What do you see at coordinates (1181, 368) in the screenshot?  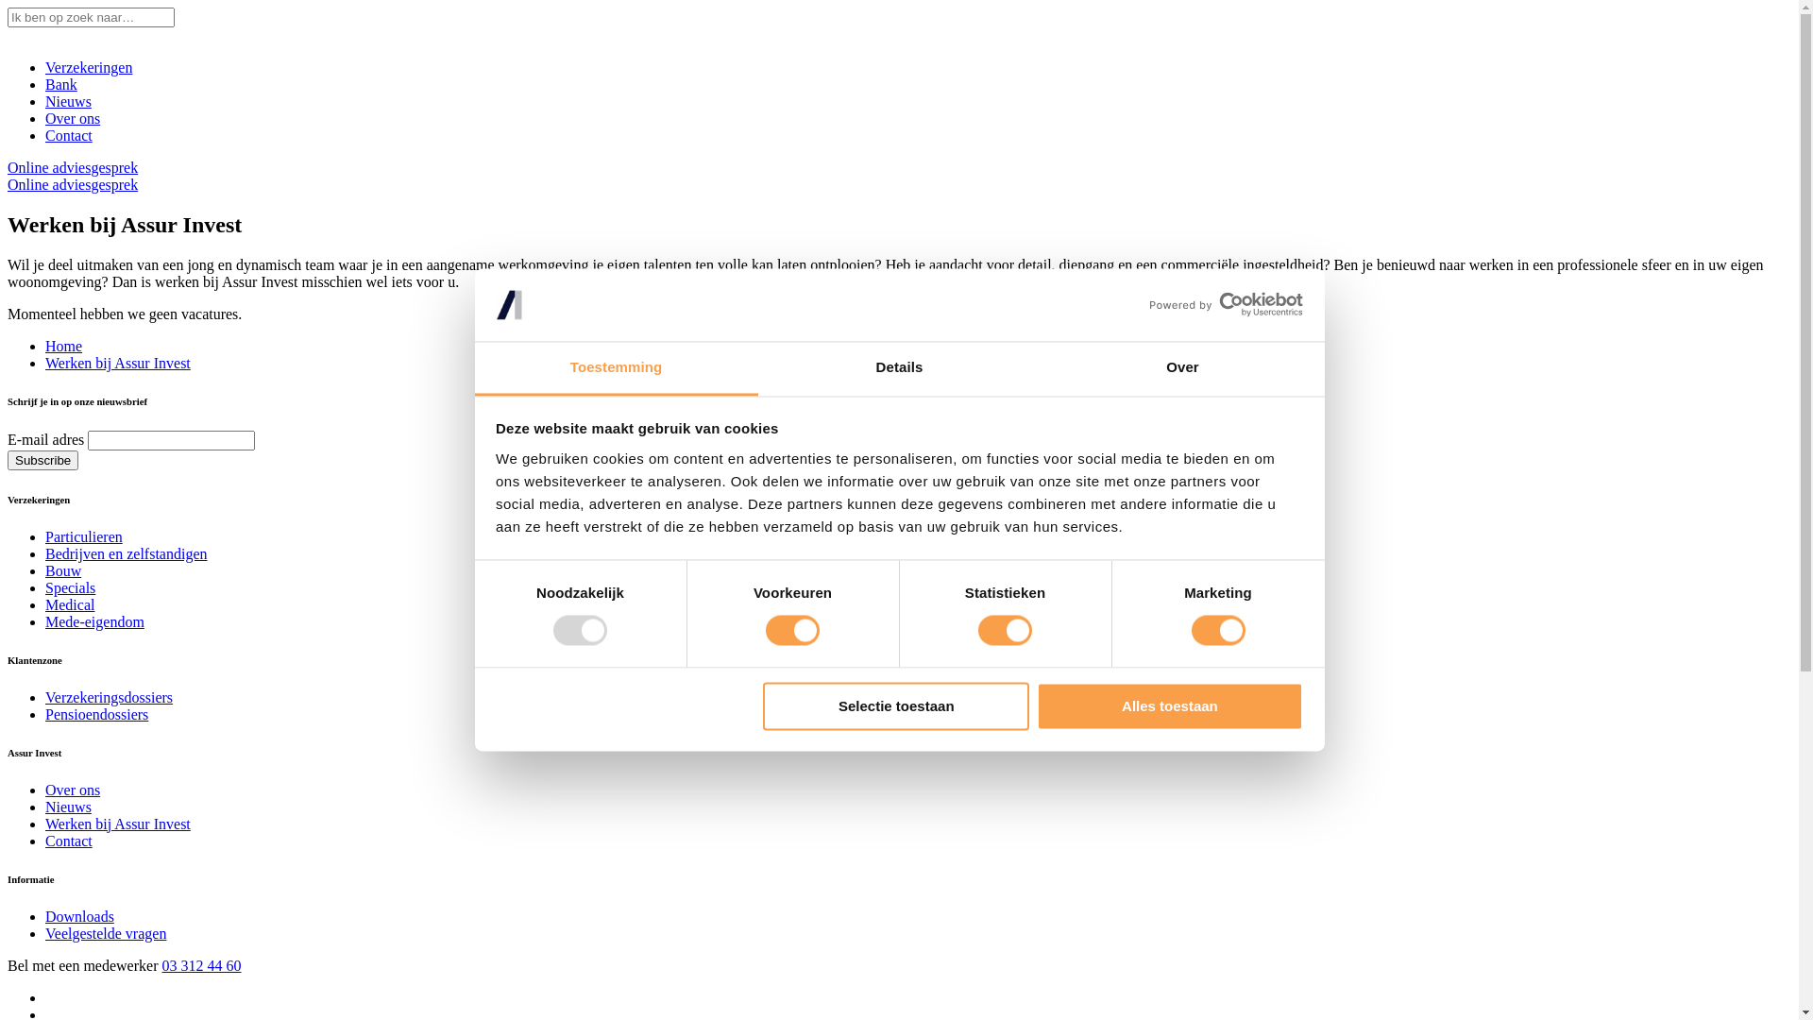 I see `'Over'` at bounding box center [1181, 368].